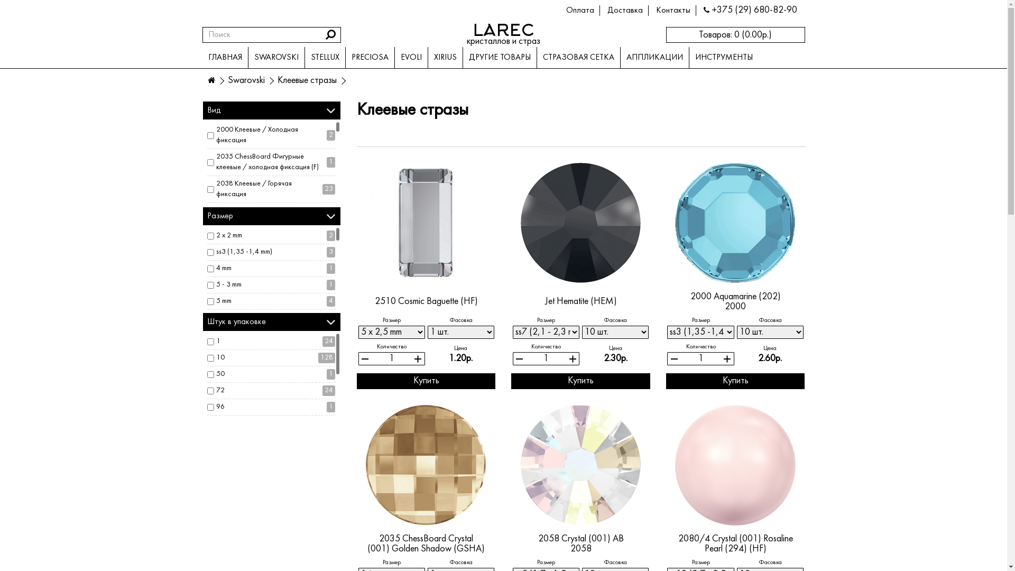 The height and width of the screenshot is (571, 1015). What do you see at coordinates (735, 464) in the screenshot?
I see `'2080/4 Crystal (001)  Rosaline Pearl (294) (HF)'` at bounding box center [735, 464].